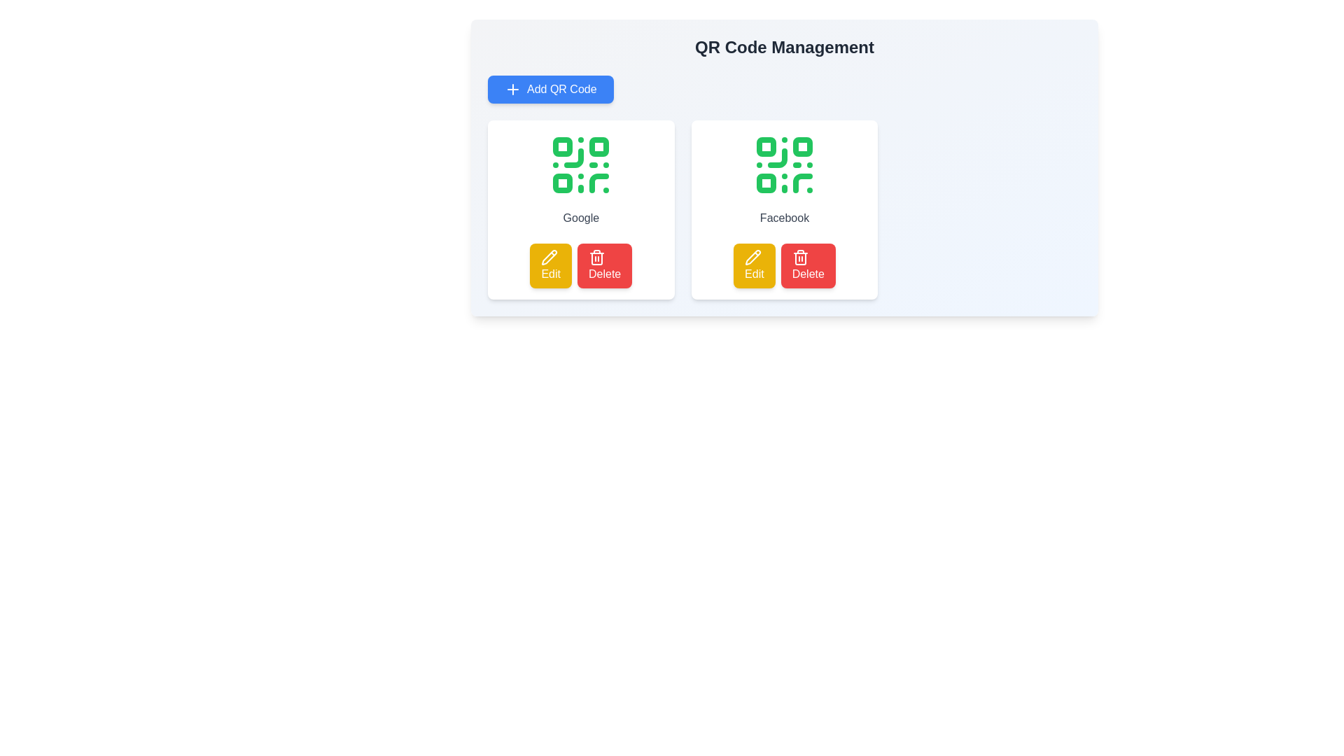 This screenshot has width=1344, height=756. I want to click on the second square in the top row of the QR code, which is a visual component used for encoding information, so click(599, 146).